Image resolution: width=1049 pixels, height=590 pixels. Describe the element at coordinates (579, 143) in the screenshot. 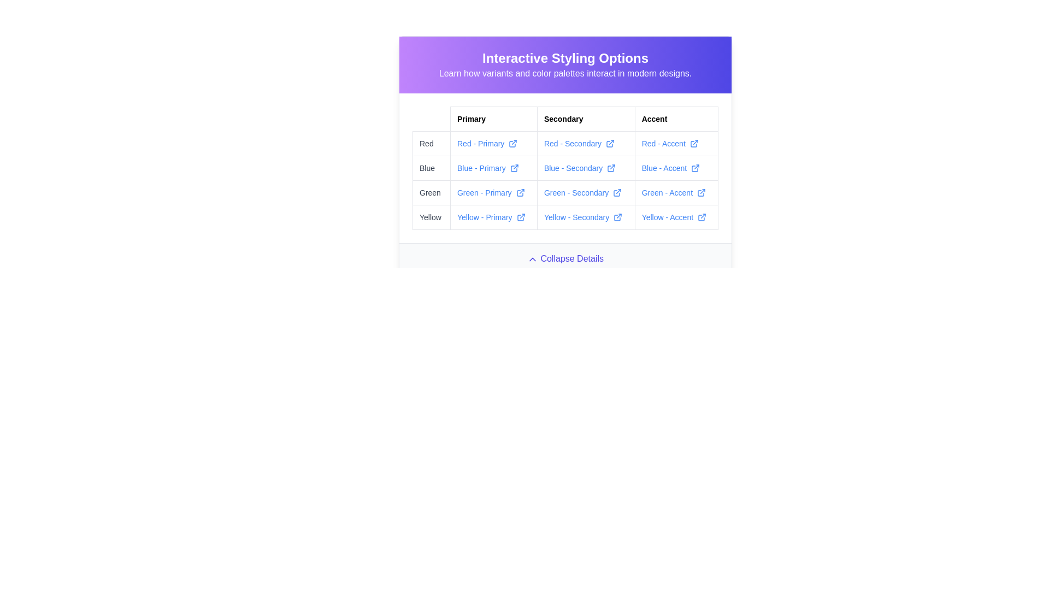

I see `the hyperlink labeled 'Red - Secondary' which is styled with blue text and an underline, located in the 'Secondary' column of the table` at that location.